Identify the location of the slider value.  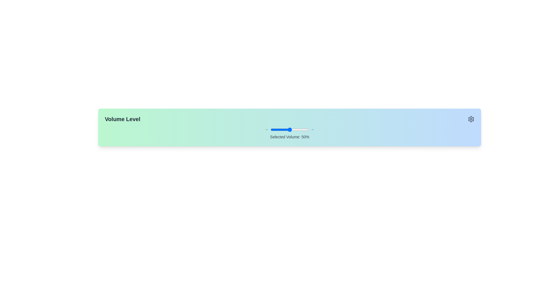
(287, 129).